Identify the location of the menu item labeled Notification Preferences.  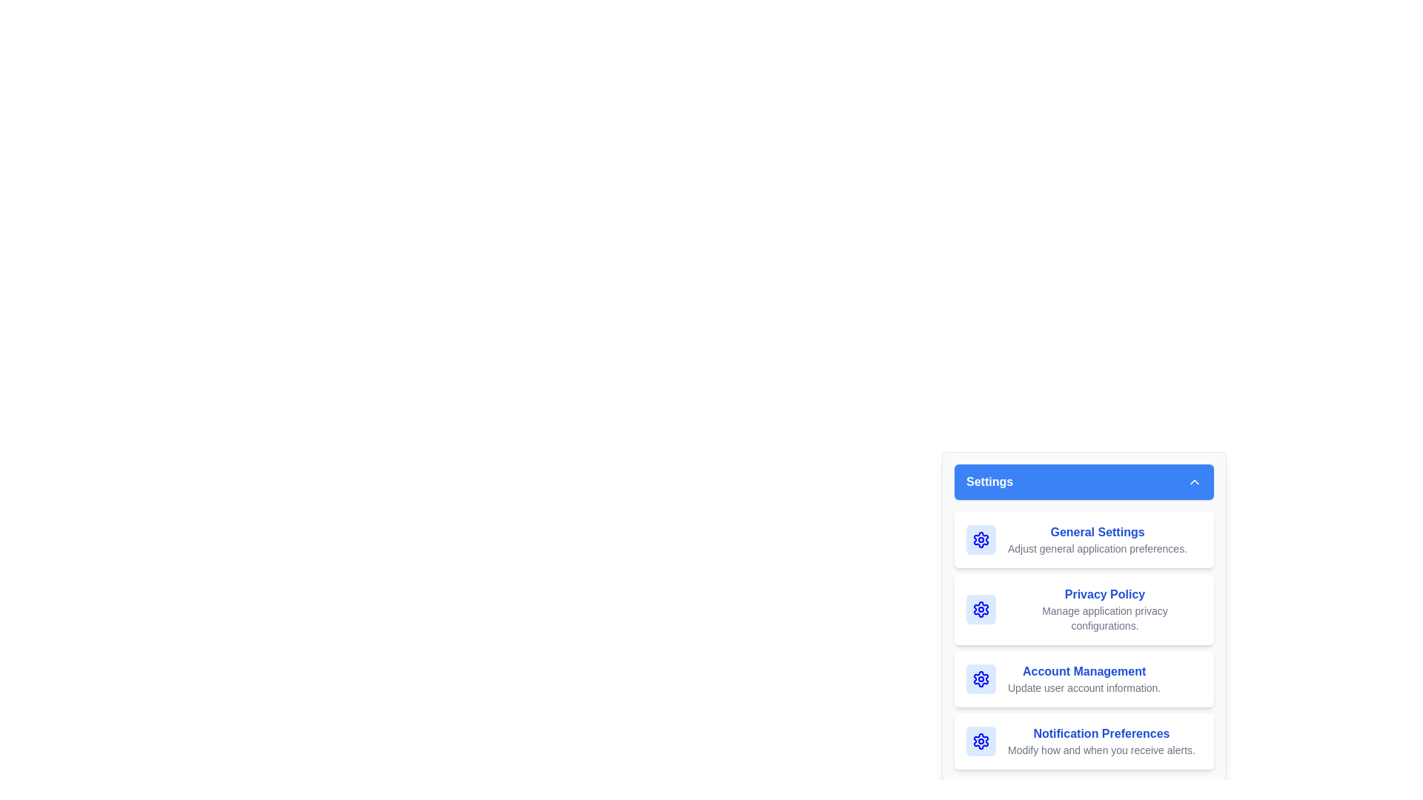
(1084, 741).